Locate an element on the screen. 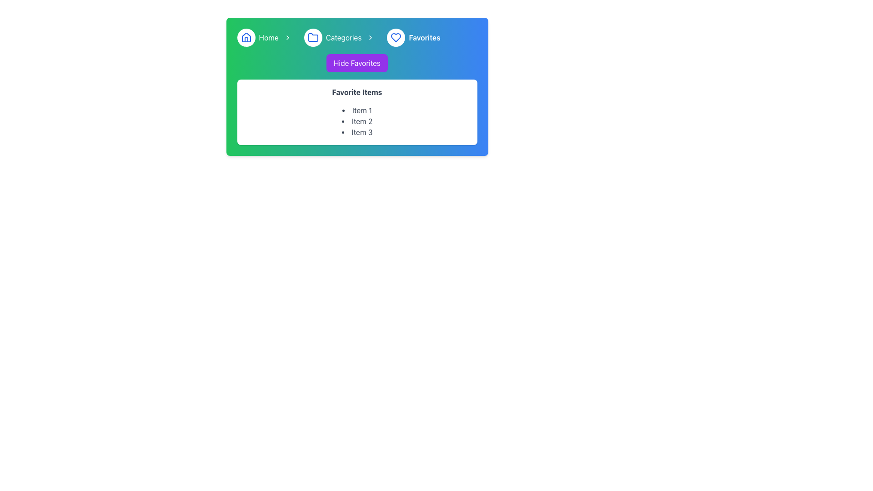 This screenshot has width=873, height=491. the Breadcrumb navigation link that directs to the 'Favorites' section, which is the third element in the breadcrumb sequence, located to the right of 'Categories' is located at coordinates (413, 37).